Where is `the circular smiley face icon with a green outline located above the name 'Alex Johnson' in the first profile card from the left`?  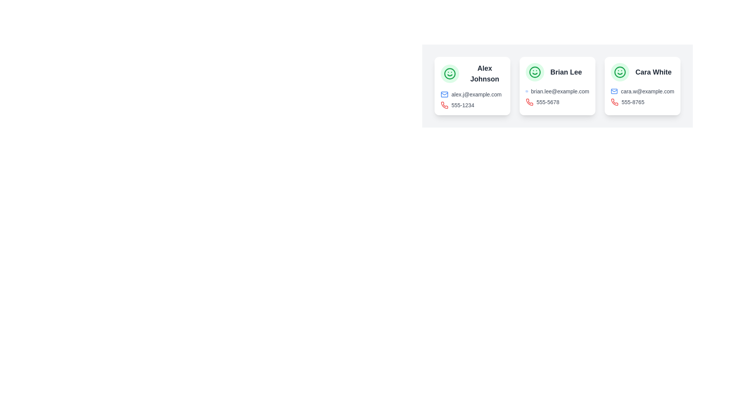 the circular smiley face icon with a green outline located above the name 'Alex Johnson' in the first profile card from the left is located at coordinates (450, 74).